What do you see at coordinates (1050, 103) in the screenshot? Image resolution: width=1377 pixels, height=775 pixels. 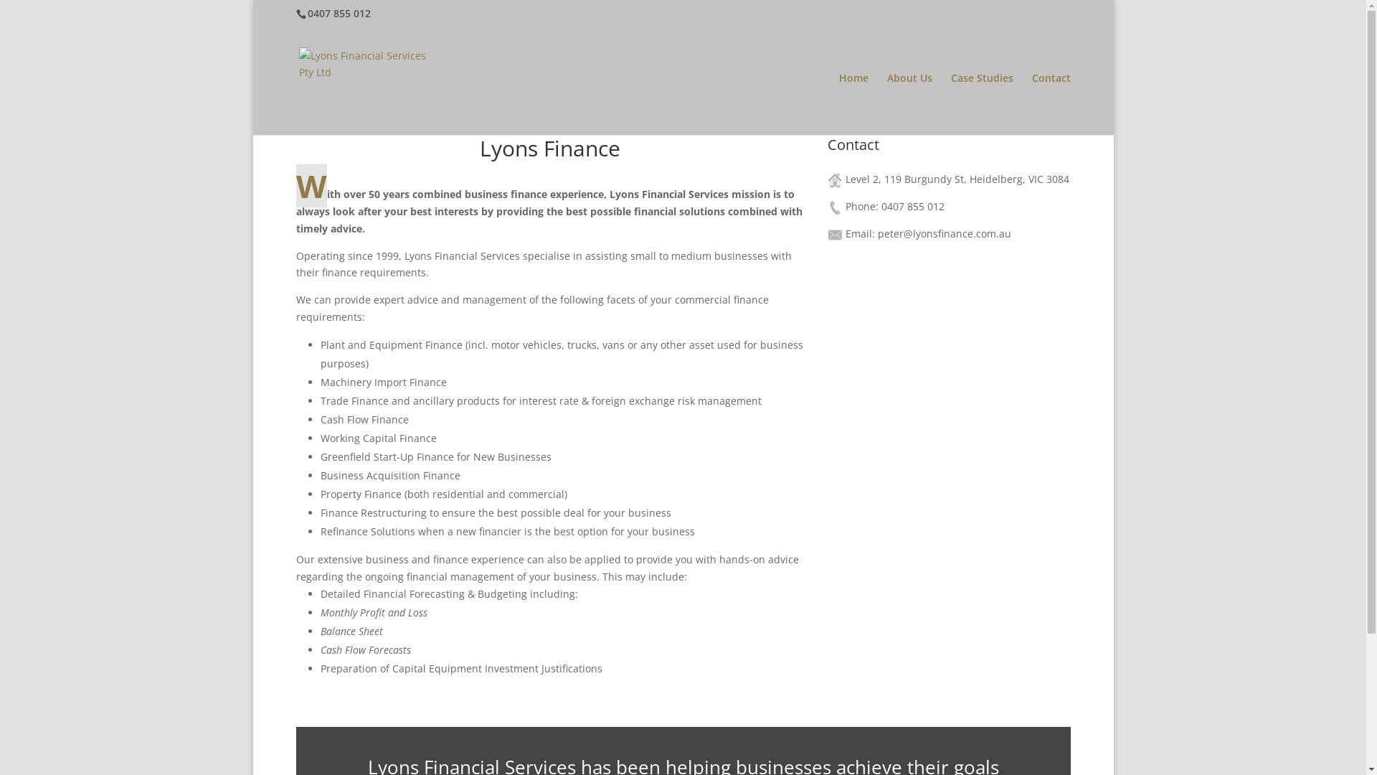 I see `'Contact'` at bounding box center [1050, 103].